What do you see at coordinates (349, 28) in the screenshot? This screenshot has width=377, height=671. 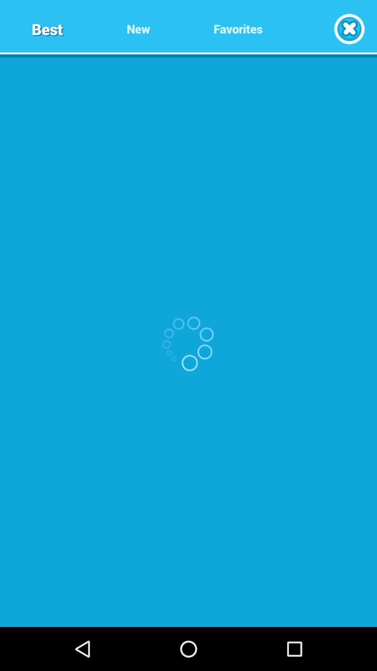 I see `scrren` at bounding box center [349, 28].